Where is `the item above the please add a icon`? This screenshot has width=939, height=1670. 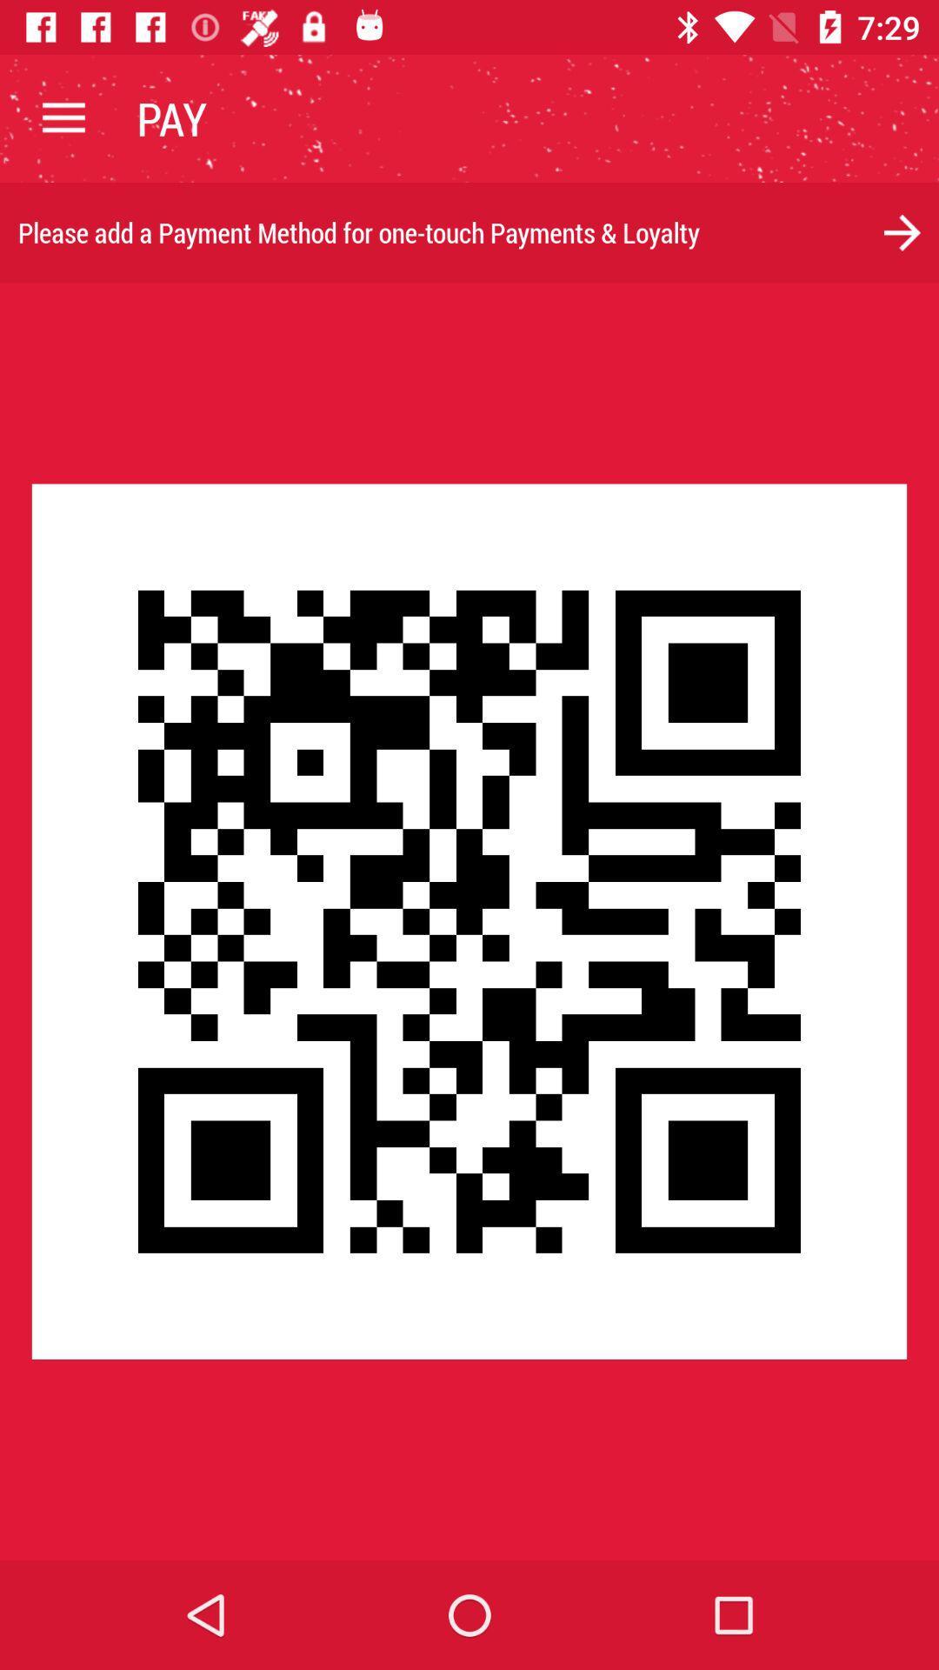 the item above the please add a icon is located at coordinates (63, 117).